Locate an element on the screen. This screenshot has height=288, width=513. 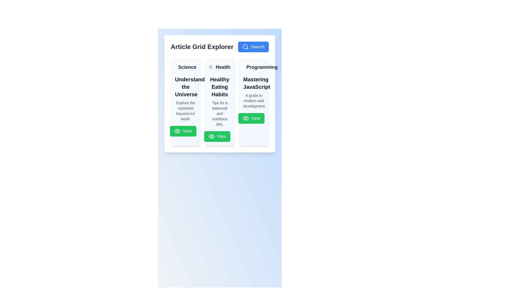
the block of text styled in a gray-colored small-sized font that presents the message 'Tips for a balanced and nutritious diet.' This text is located underneath the heading 'Healthy Eating Habits' and above a 'View' button is located at coordinates (220, 113).